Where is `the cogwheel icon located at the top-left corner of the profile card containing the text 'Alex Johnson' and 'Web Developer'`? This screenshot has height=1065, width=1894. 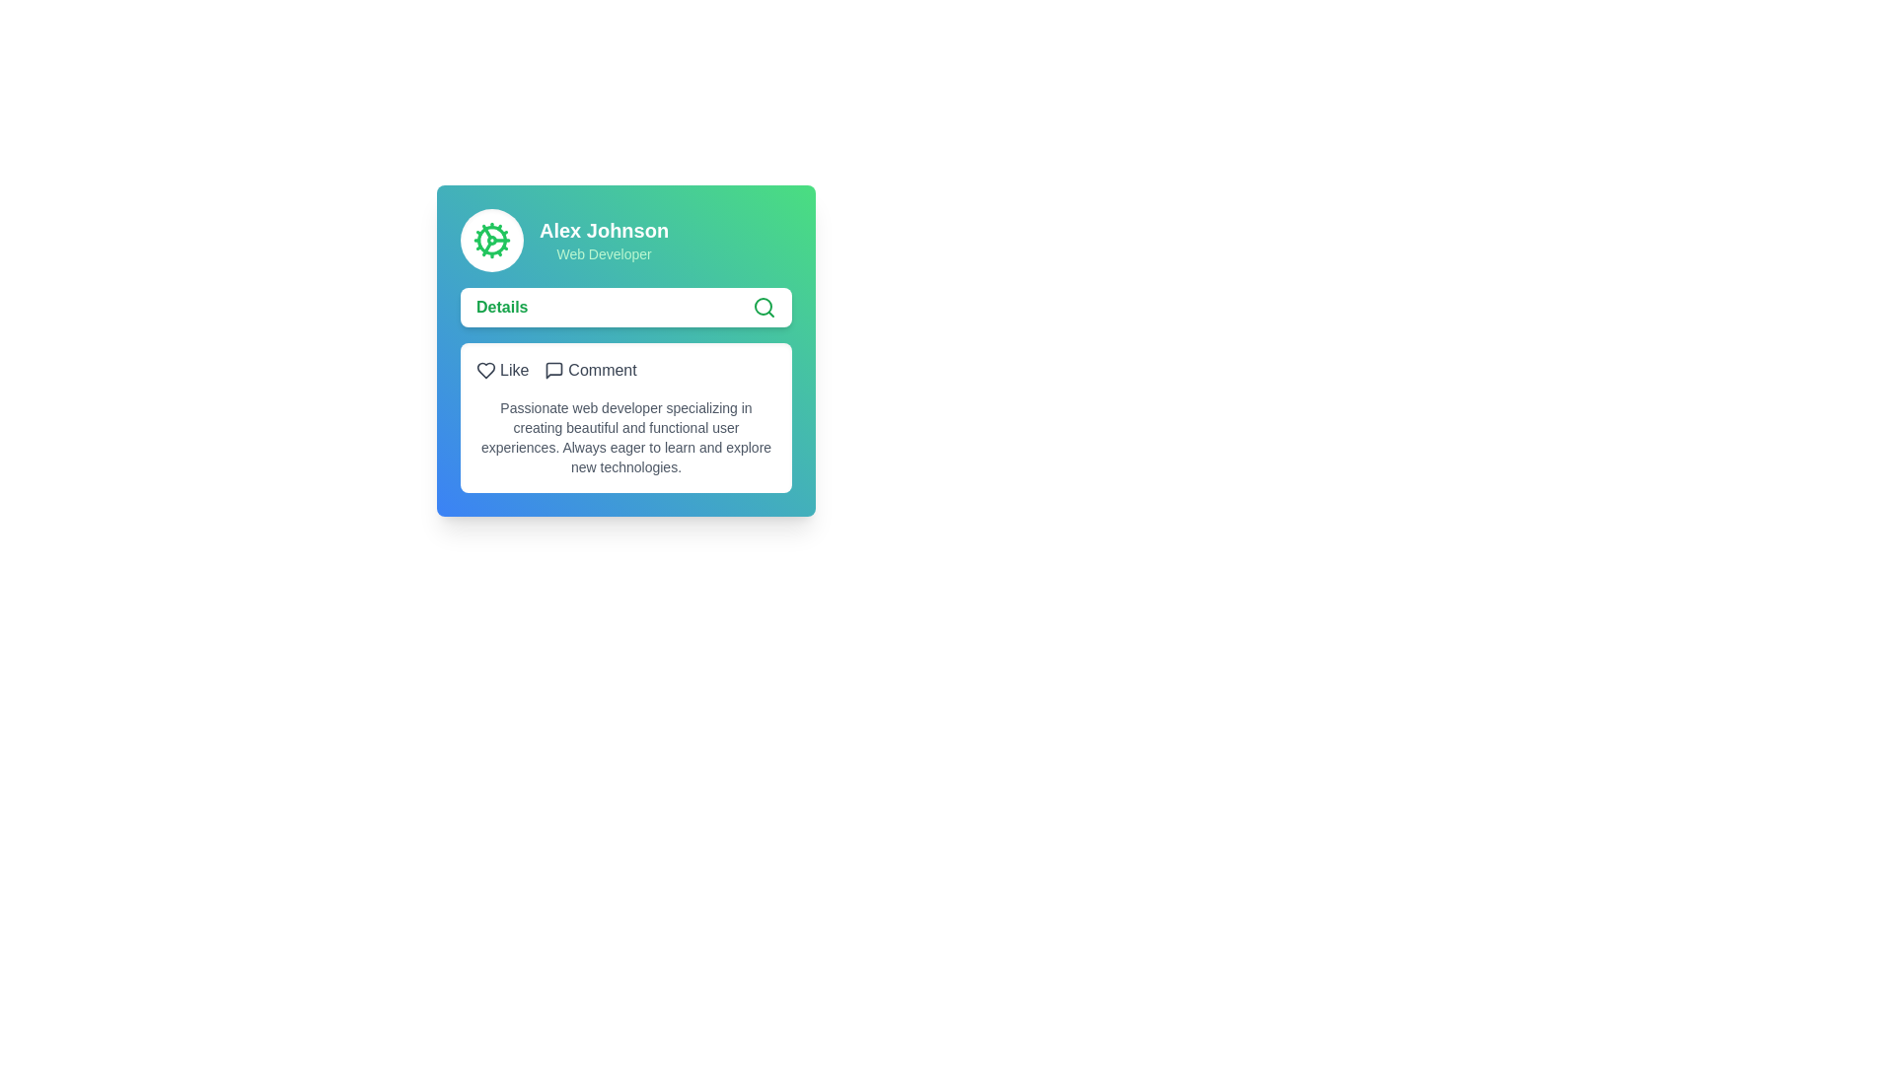 the cogwheel icon located at the top-left corner of the profile card containing the text 'Alex Johnson' and 'Web Developer' is located at coordinates (492, 239).